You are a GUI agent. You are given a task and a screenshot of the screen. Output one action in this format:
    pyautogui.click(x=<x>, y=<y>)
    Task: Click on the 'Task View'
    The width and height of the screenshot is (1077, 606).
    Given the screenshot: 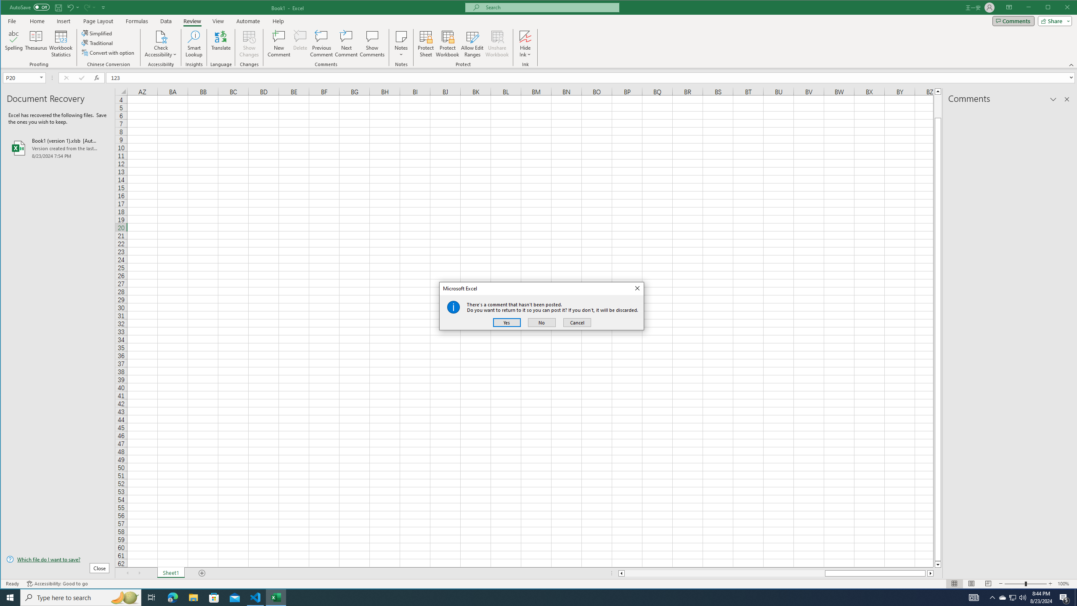 What is the action you would take?
    pyautogui.click(x=151, y=597)
    